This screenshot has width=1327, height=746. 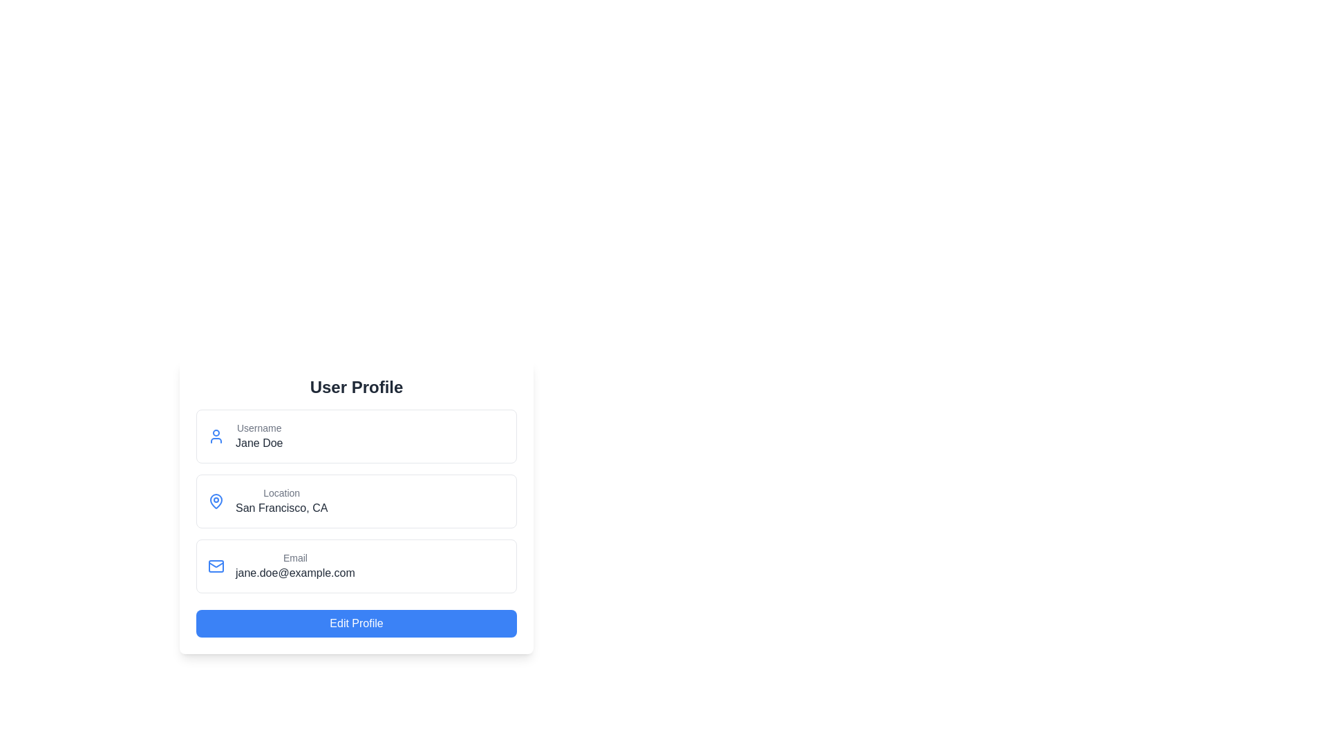 I want to click on the 'Edit Profile' button, which is a rectangular button with a blue background and white text, to observe the color change, so click(x=356, y=623).